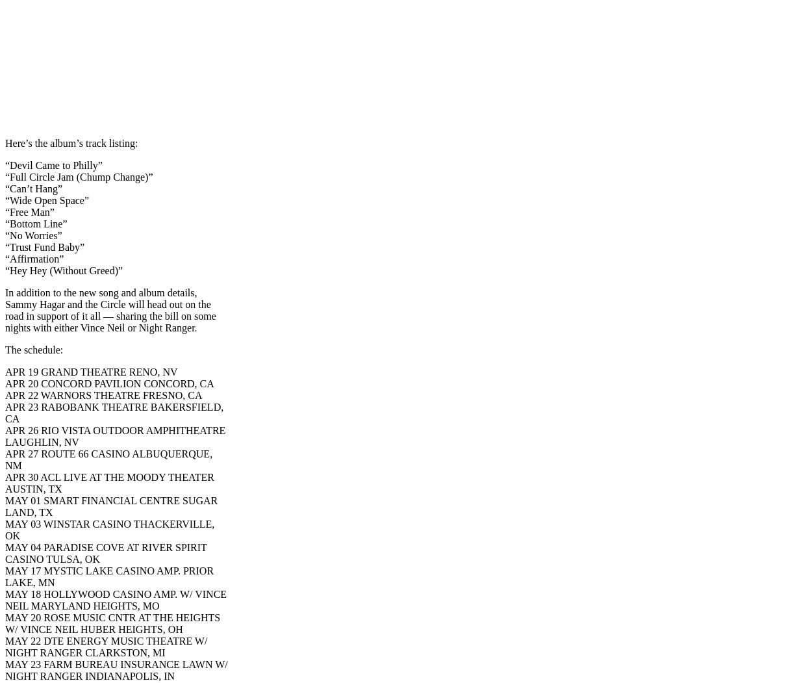  I want to click on 'APR 19 GRAND THEATRE RENO, NV', so click(90, 372).